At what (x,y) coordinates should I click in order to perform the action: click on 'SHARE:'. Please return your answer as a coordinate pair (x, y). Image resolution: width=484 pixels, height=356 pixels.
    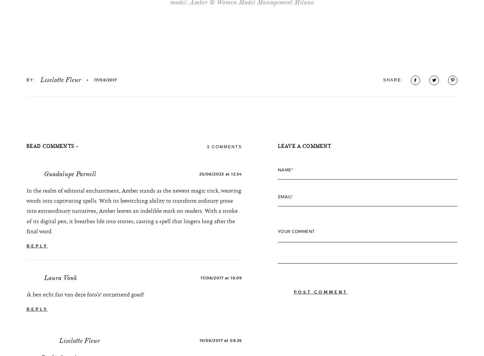
    Looking at the image, I should click on (393, 125).